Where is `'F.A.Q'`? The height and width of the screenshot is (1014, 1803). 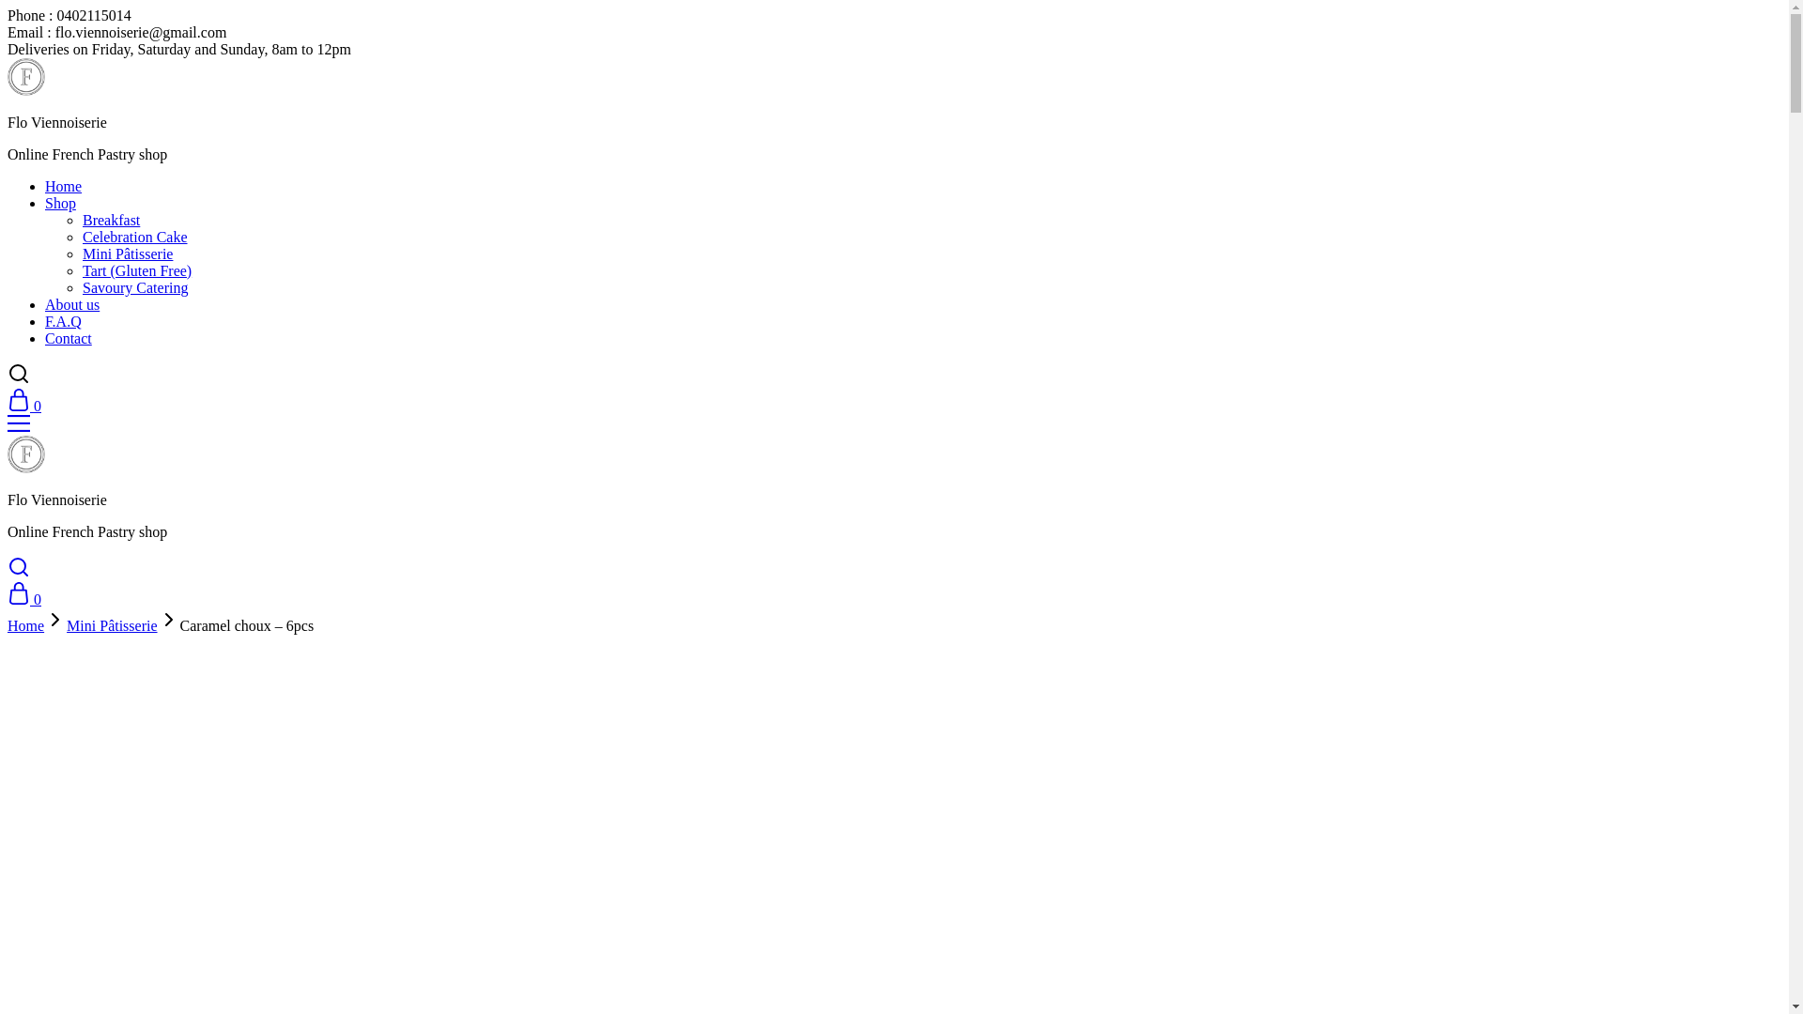
'F.A.Q' is located at coordinates (63, 320).